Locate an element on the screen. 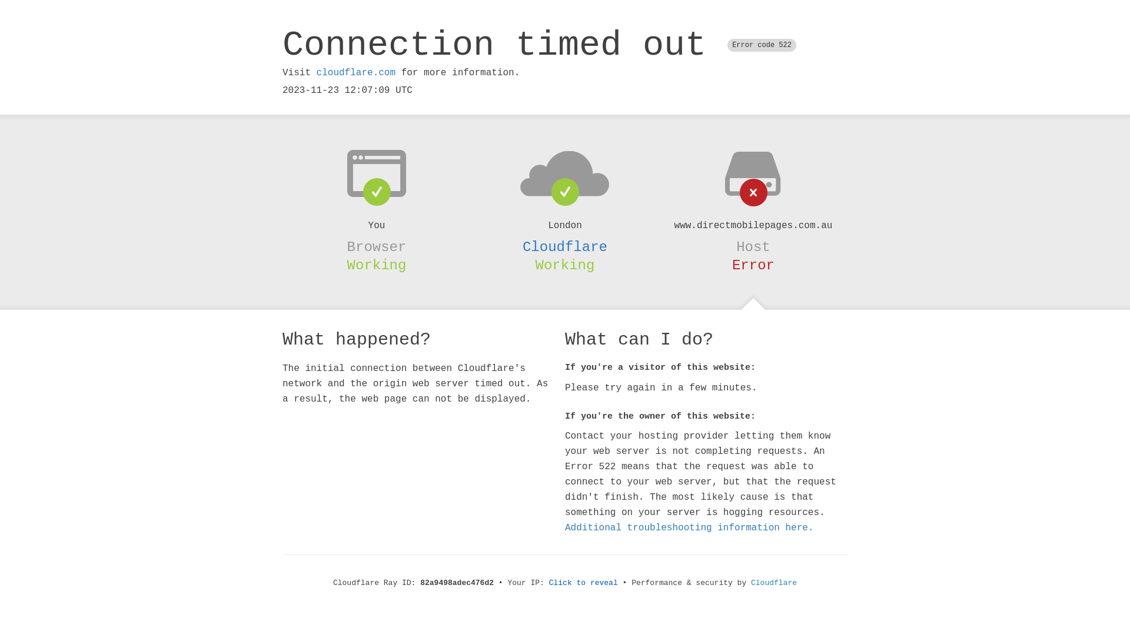 The image size is (1130, 635). 'Additional troubleshooting information here.' is located at coordinates (689, 527).